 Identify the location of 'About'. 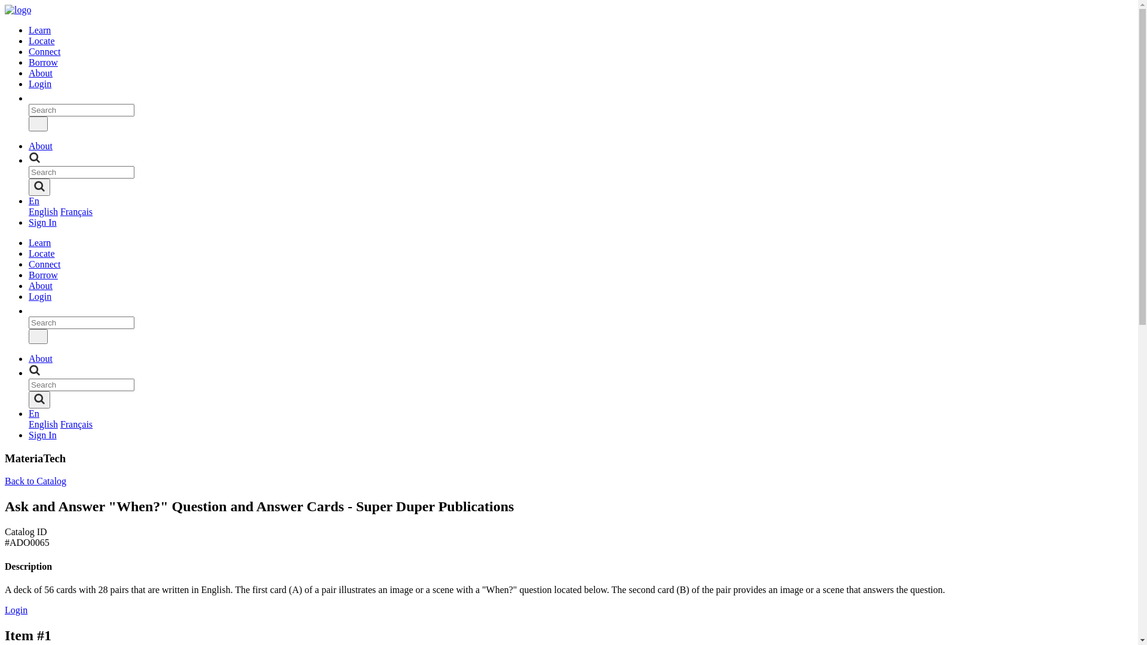
(40, 358).